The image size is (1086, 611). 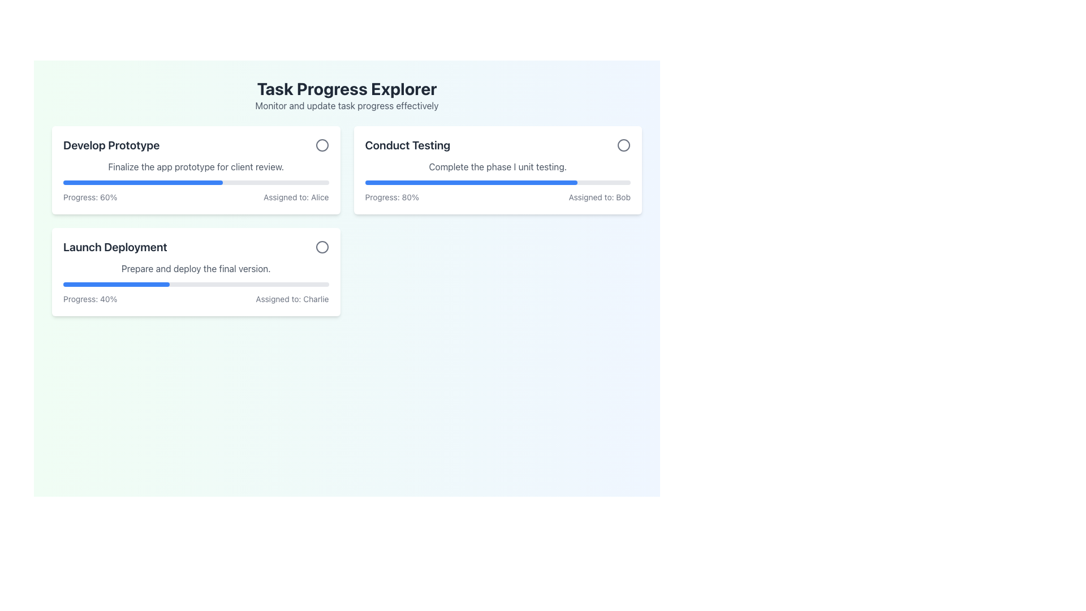 I want to click on the circular SVG graphic element located in the top-right corner of the 'Develop Prototype' task card within the 'Task Progress Explorer' interface, so click(x=321, y=145).